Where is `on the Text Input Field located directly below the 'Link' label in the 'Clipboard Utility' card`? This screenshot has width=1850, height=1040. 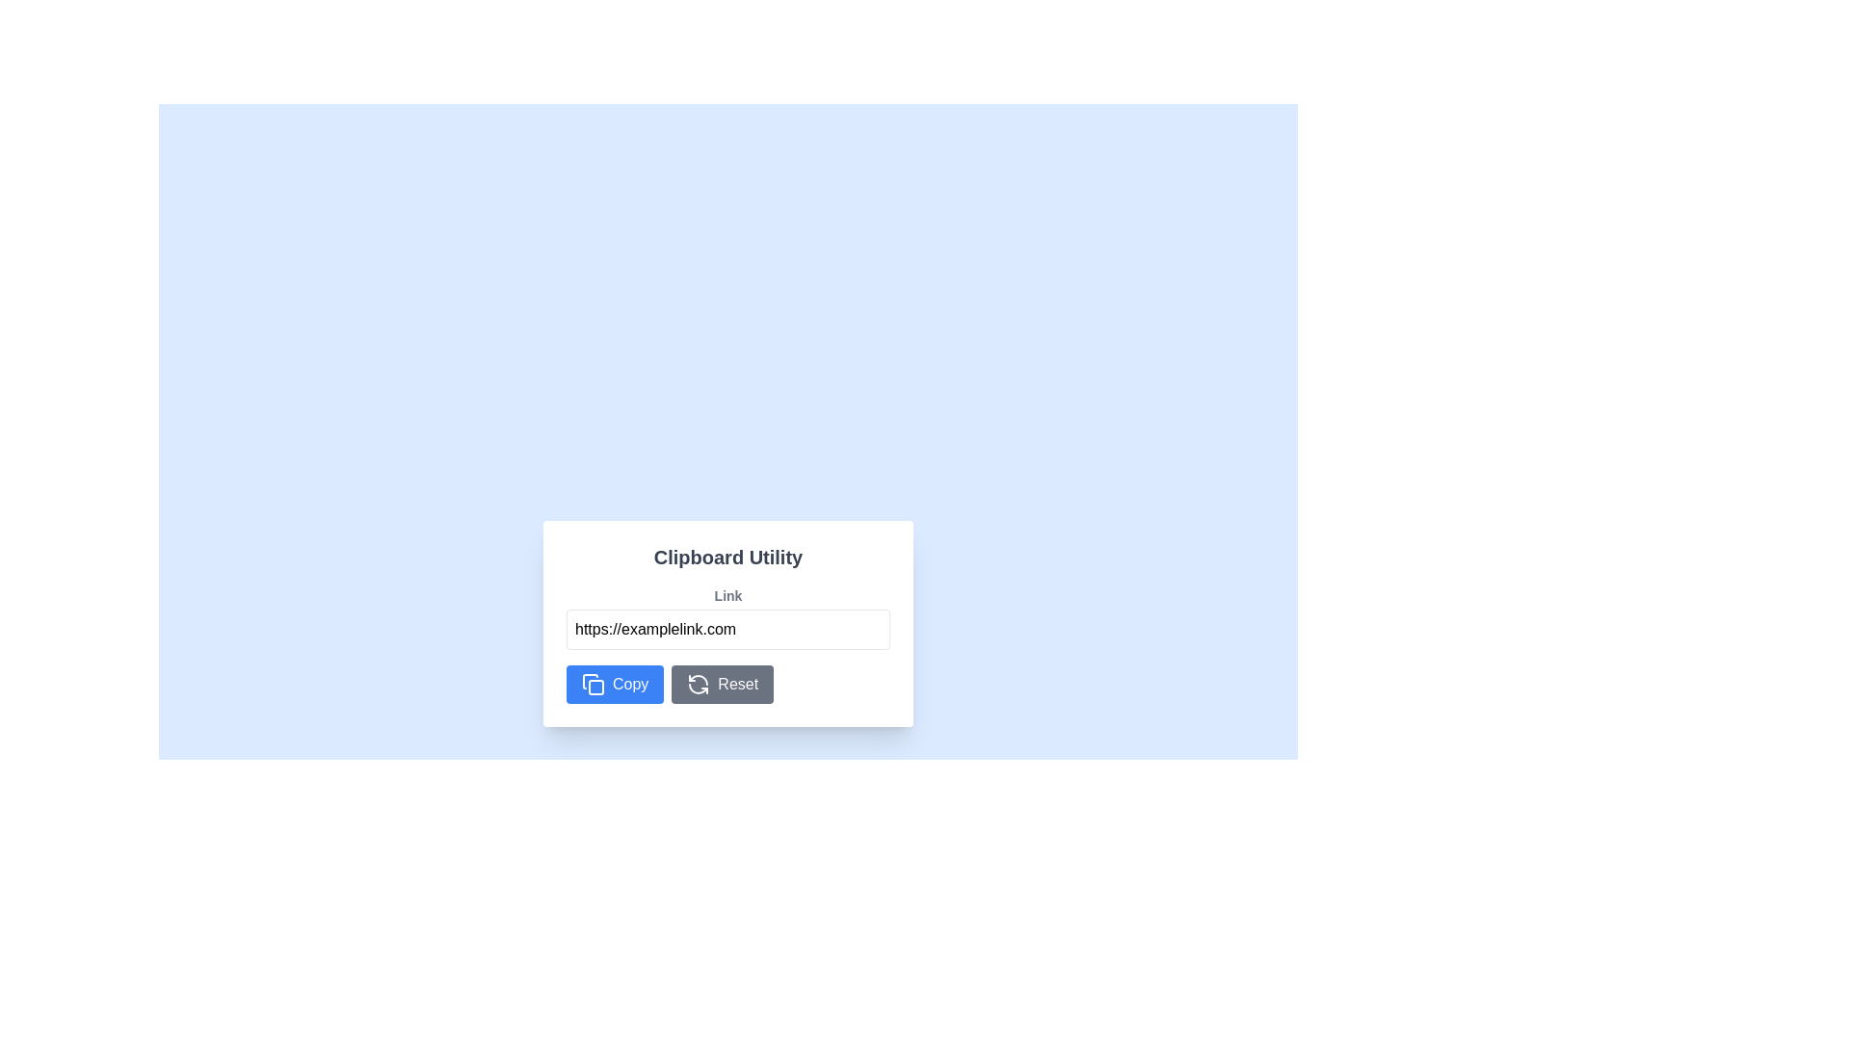
on the Text Input Field located directly below the 'Link' label in the 'Clipboard Utility' card is located at coordinates (727, 630).